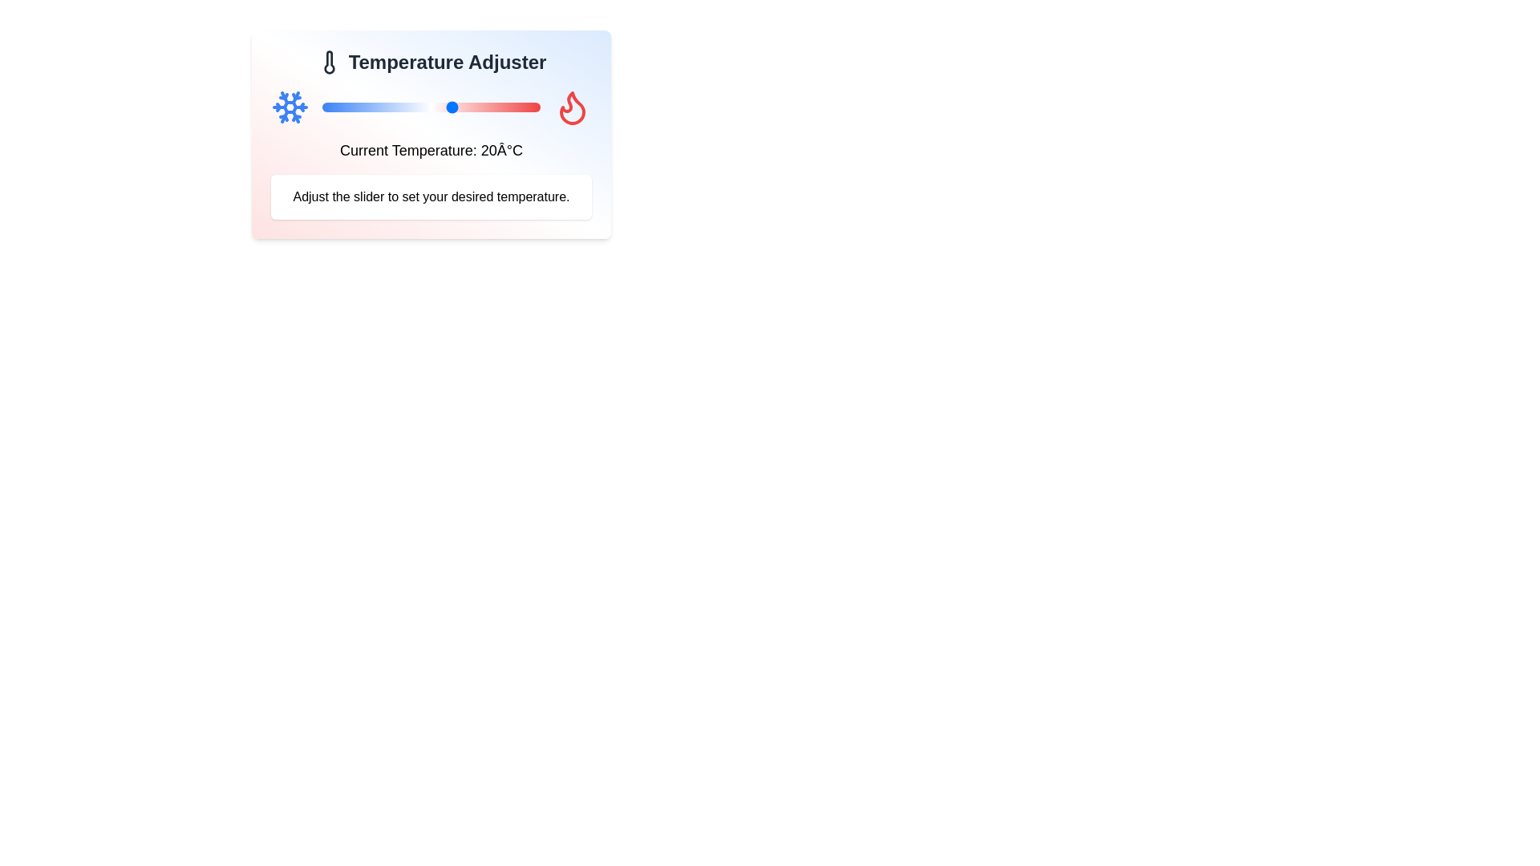 The width and height of the screenshot is (1540, 866). I want to click on the slider to set the temperature to 38°C, so click(532, 107).